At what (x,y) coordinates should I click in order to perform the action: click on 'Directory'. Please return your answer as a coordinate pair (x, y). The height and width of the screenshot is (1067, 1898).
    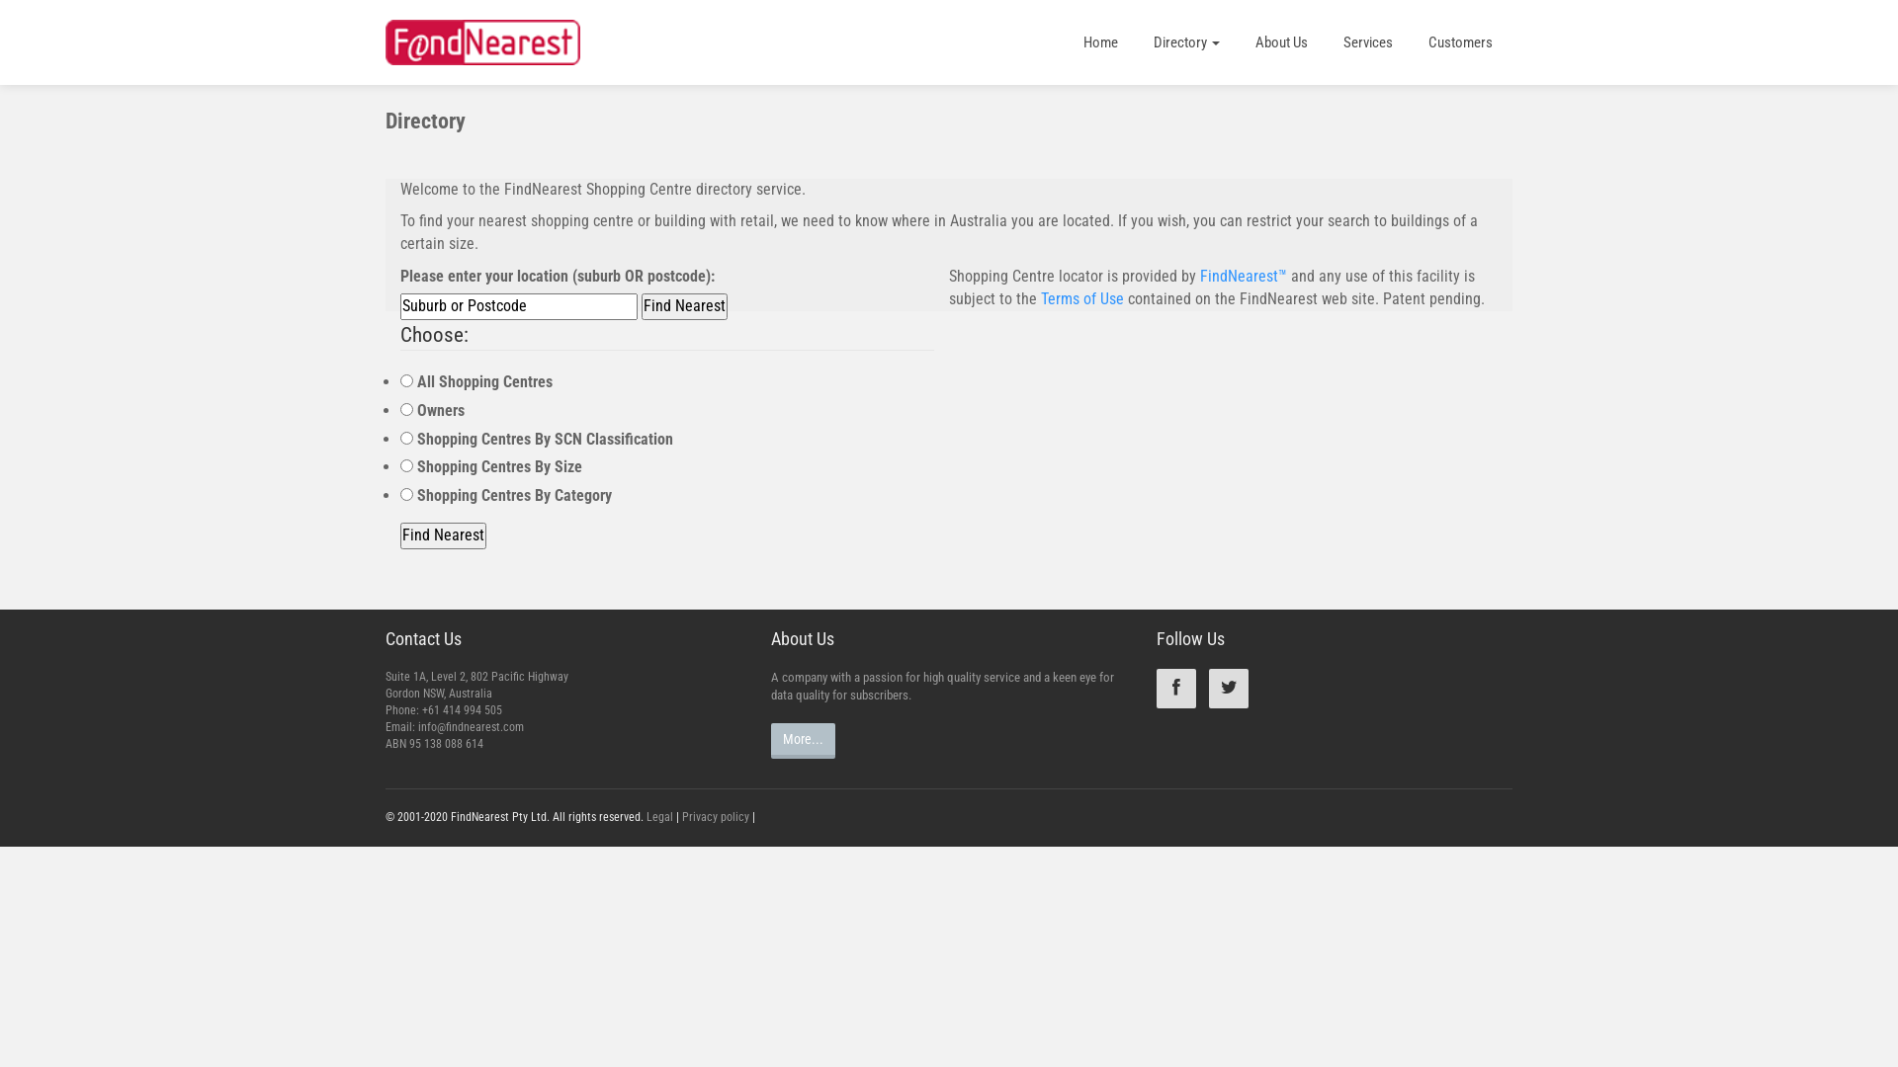
    Looking at the image, I should click on (1186, 41).